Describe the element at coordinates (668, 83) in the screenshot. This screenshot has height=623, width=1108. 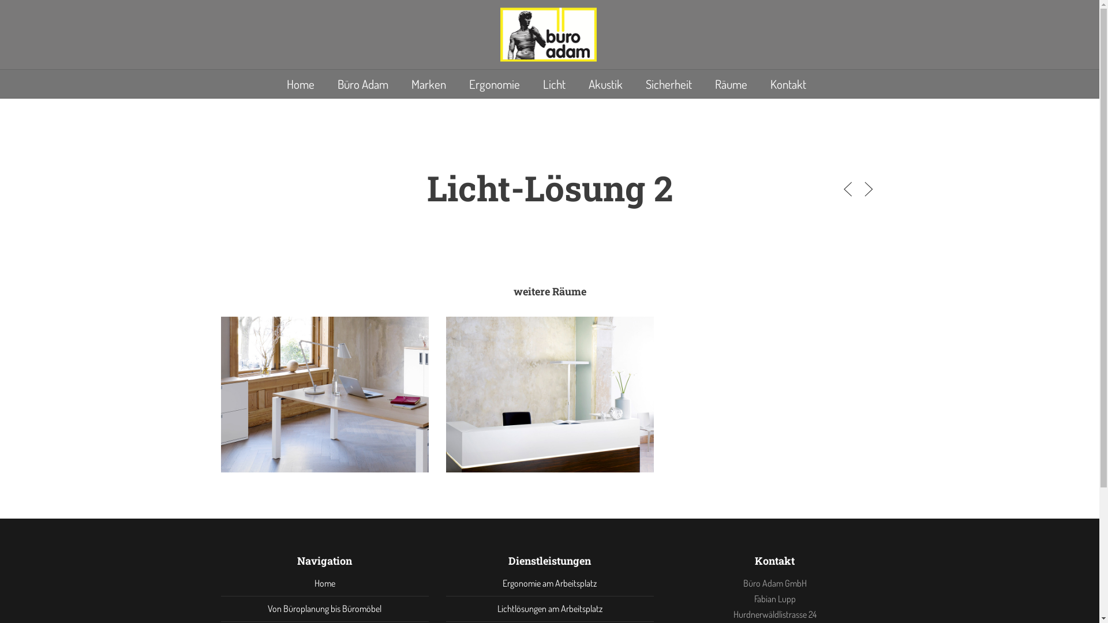
I see `'Sicherheit'` at that location.